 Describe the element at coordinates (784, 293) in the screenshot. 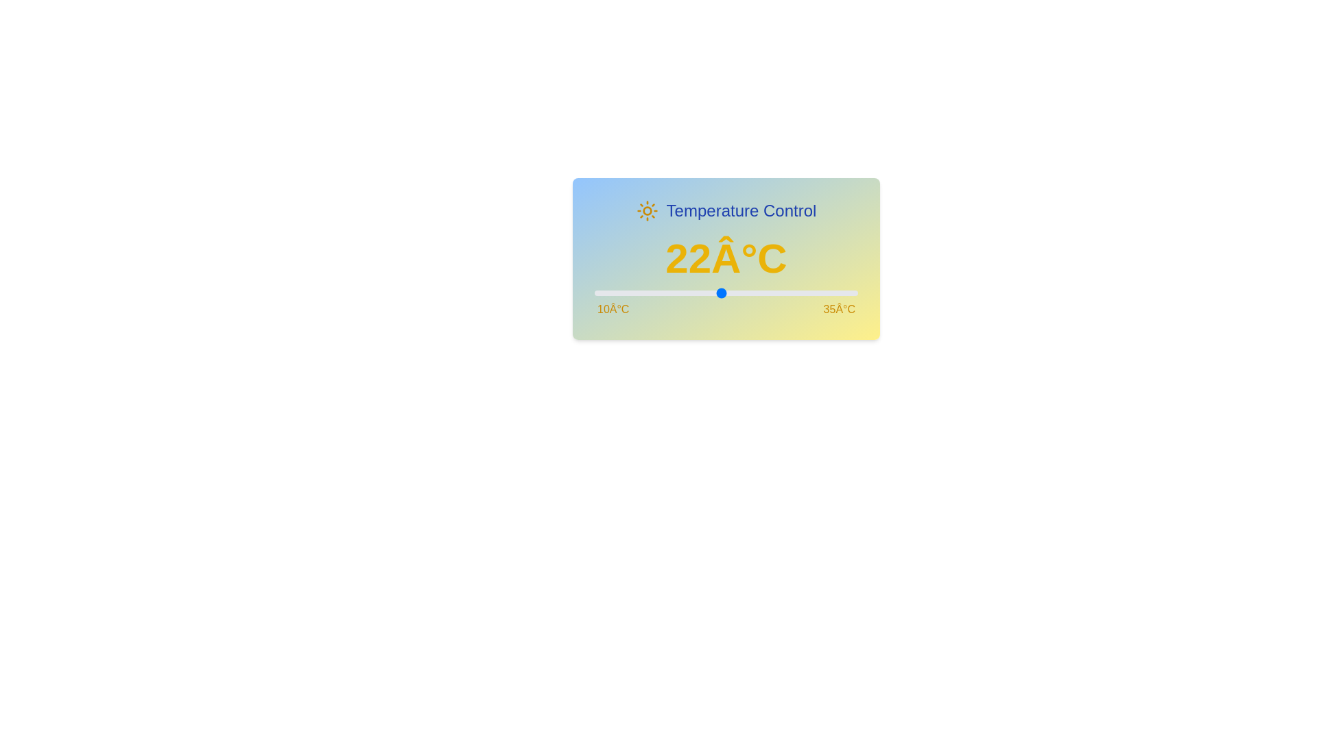

I see `the temperature slider to set the temperature to 28°C` at that location.